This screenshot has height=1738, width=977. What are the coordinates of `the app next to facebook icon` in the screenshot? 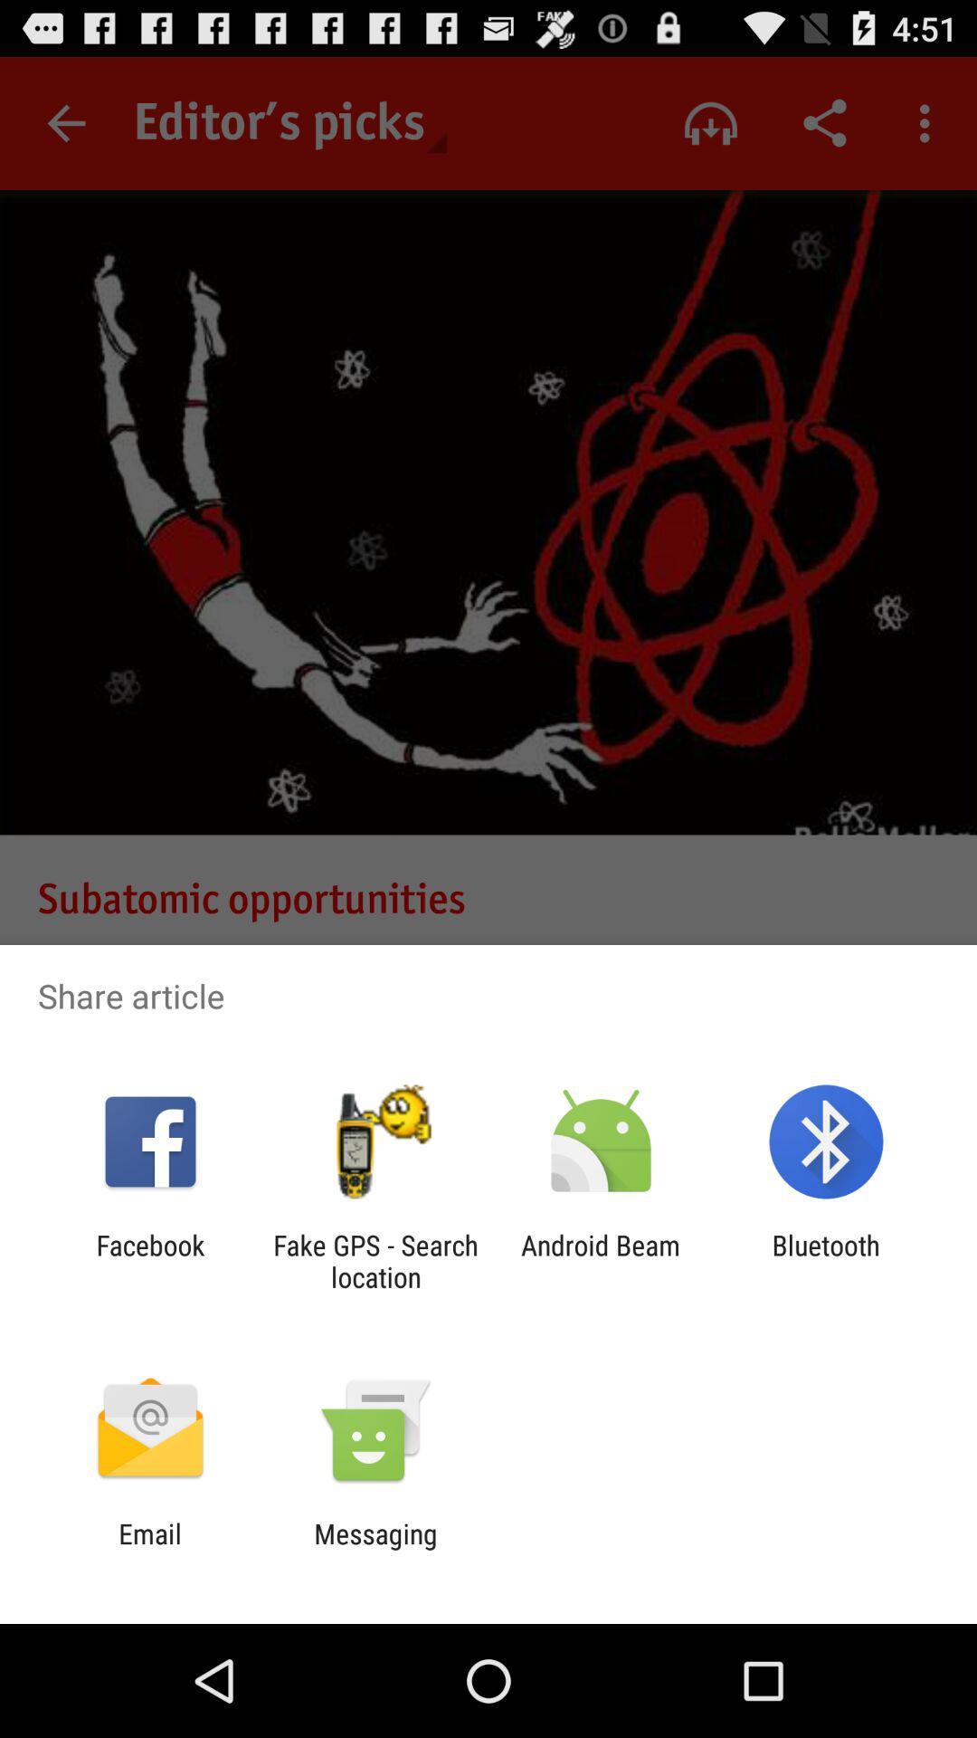 It's located at (375, 1260).